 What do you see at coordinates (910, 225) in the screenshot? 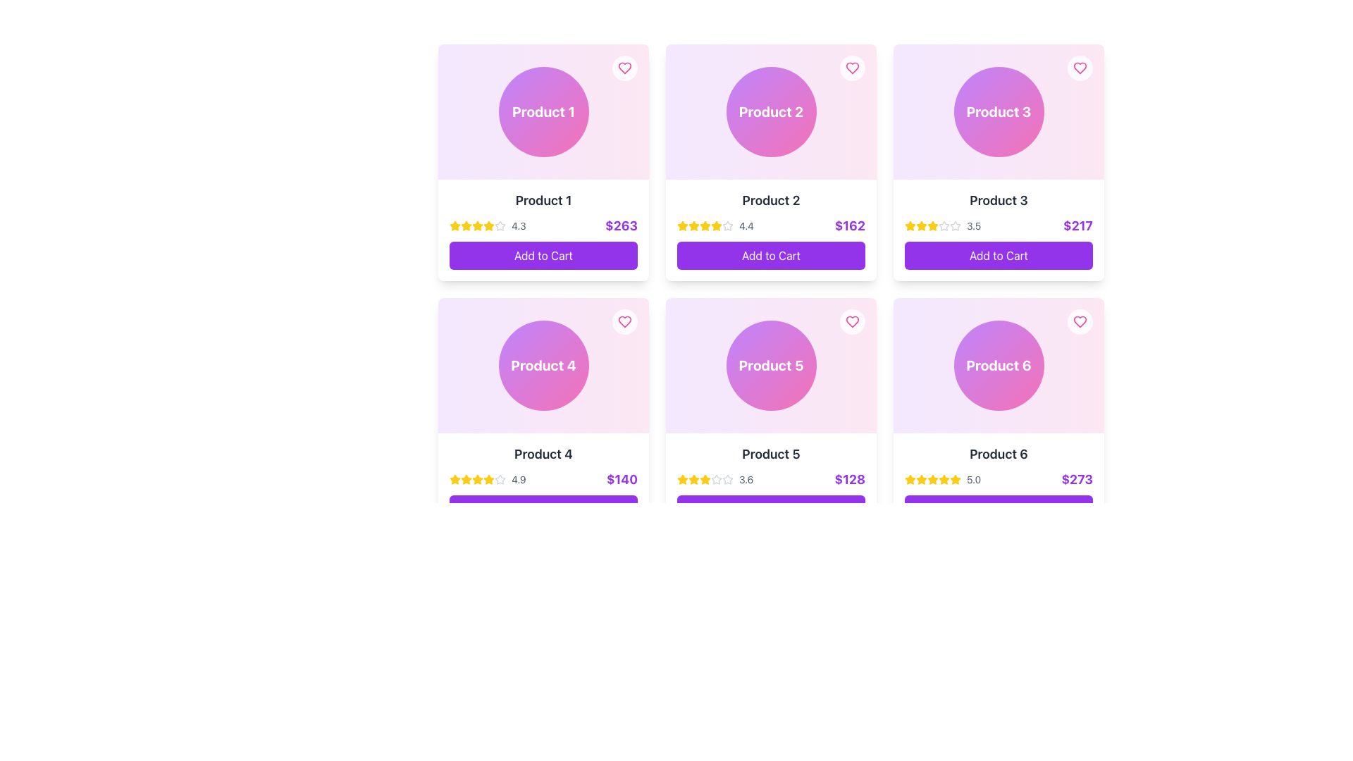
I see `the first star icon in the rating section of 'Product 3' located in the top-right card of the product cards` at bounding box center [910, 225].